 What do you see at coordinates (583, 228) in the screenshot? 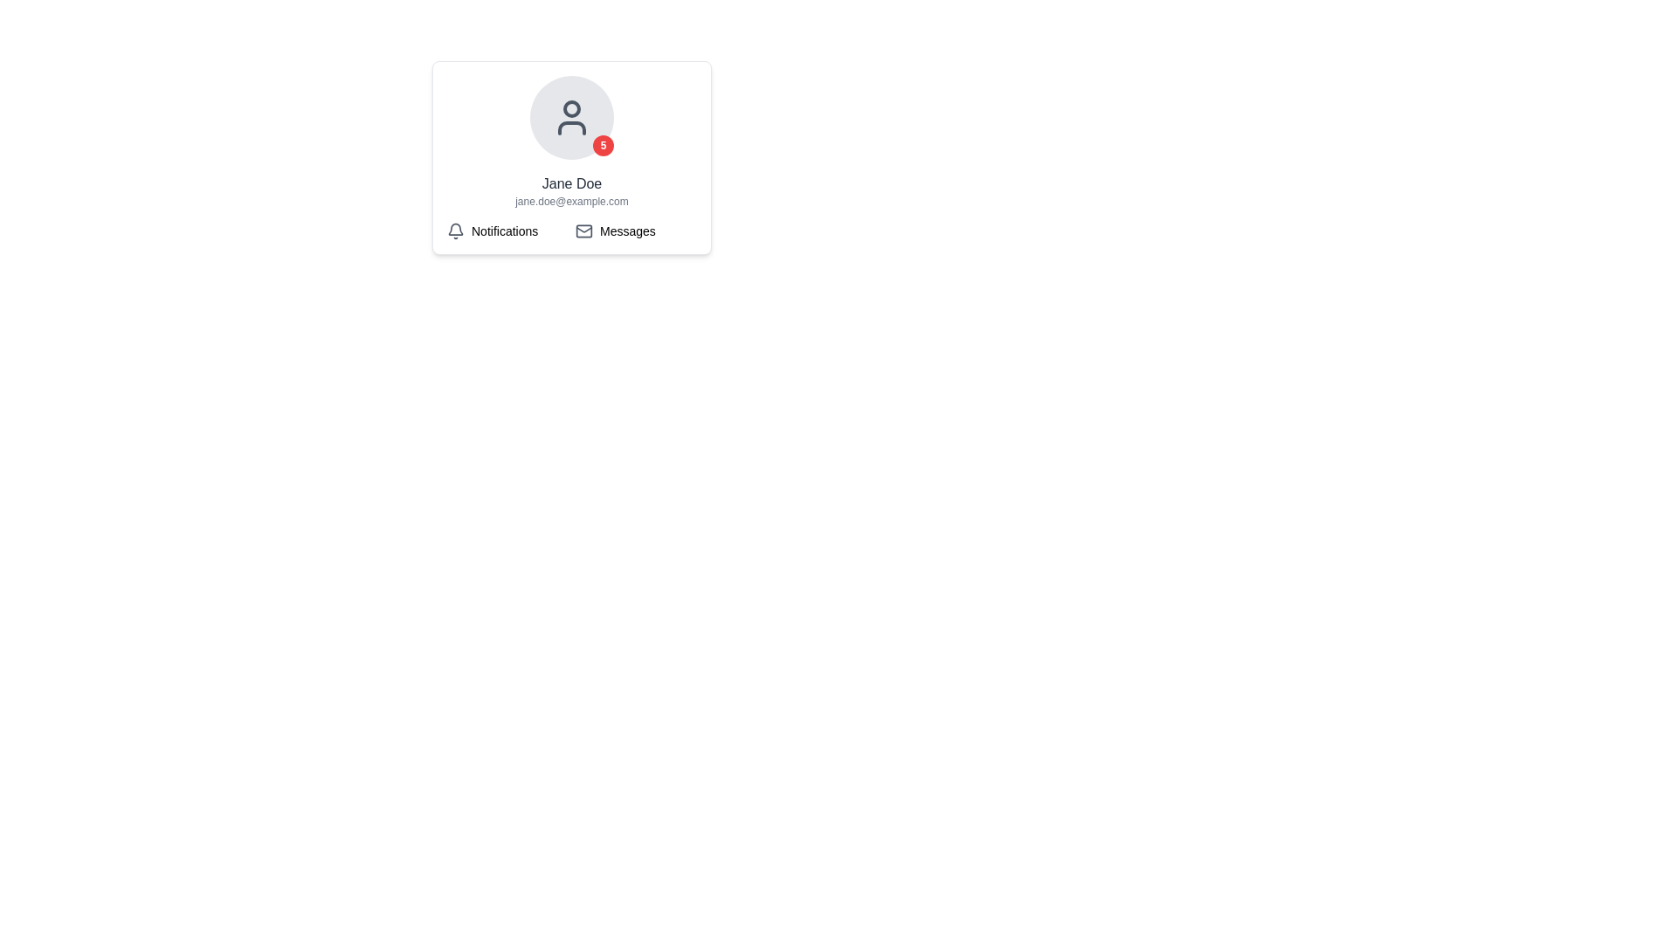
I see `the thin, dark-colored, V-shaped line forming the lower part of the envelope icon located at the top-right corner of the central profile card` at bounding box center [583, 228].